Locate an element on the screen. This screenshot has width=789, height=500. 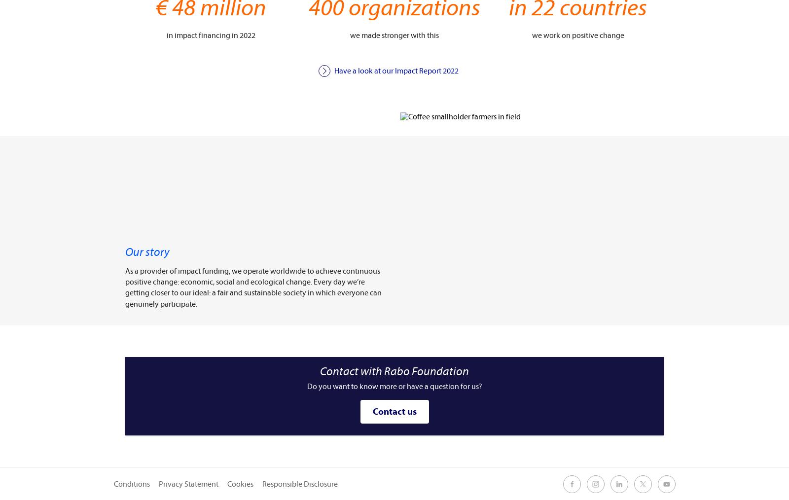
'As a provider of impact funding, we operate worldwide to achieve continuous positive change: economic, social and ecological change. Every day we’re getting closer to our ideal: a fair and sustainable society in which everyone can genuinely participate.' is located at coordinates (253, 286).